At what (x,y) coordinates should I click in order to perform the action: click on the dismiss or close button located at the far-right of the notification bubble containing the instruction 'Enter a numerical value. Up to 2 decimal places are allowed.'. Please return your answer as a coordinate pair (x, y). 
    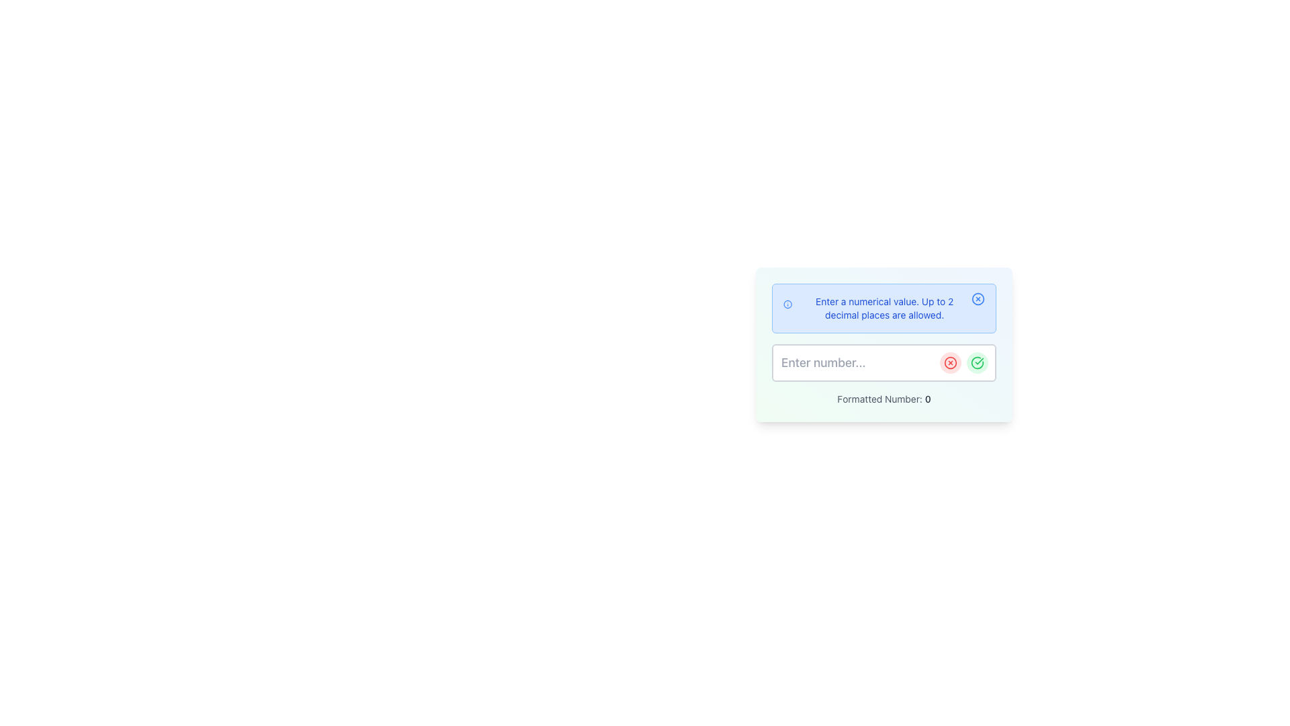
    Looking at the image, I should click on (978, 298).